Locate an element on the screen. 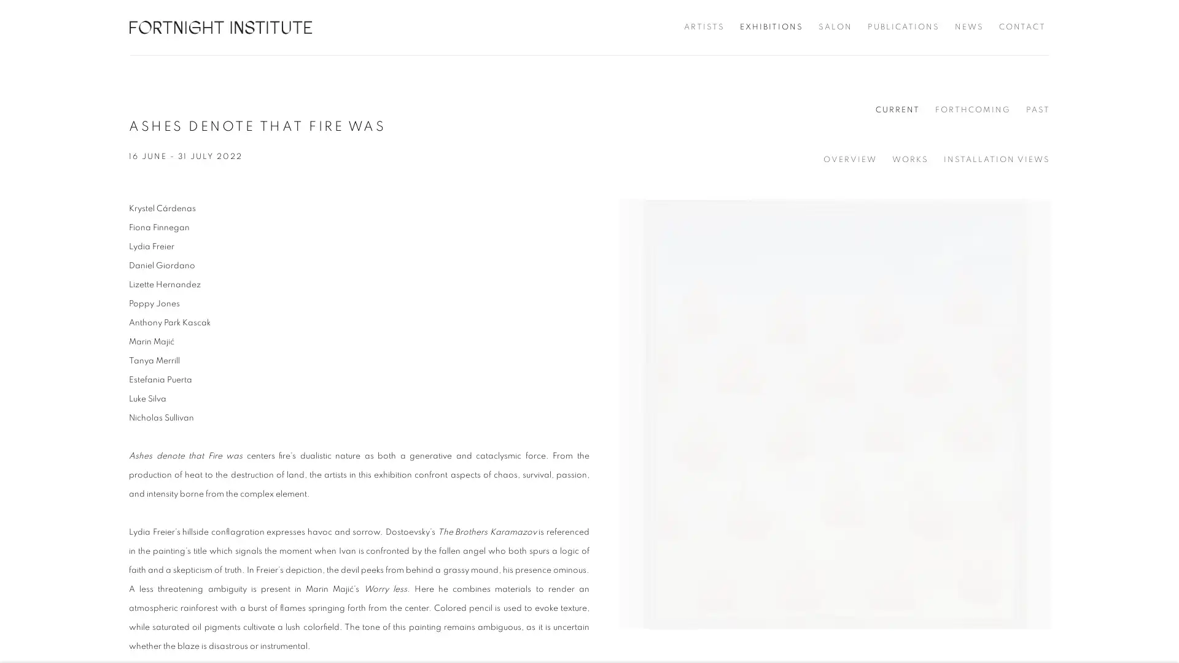  INSTALLATION VIEWS is located at coordinates (997, 161).